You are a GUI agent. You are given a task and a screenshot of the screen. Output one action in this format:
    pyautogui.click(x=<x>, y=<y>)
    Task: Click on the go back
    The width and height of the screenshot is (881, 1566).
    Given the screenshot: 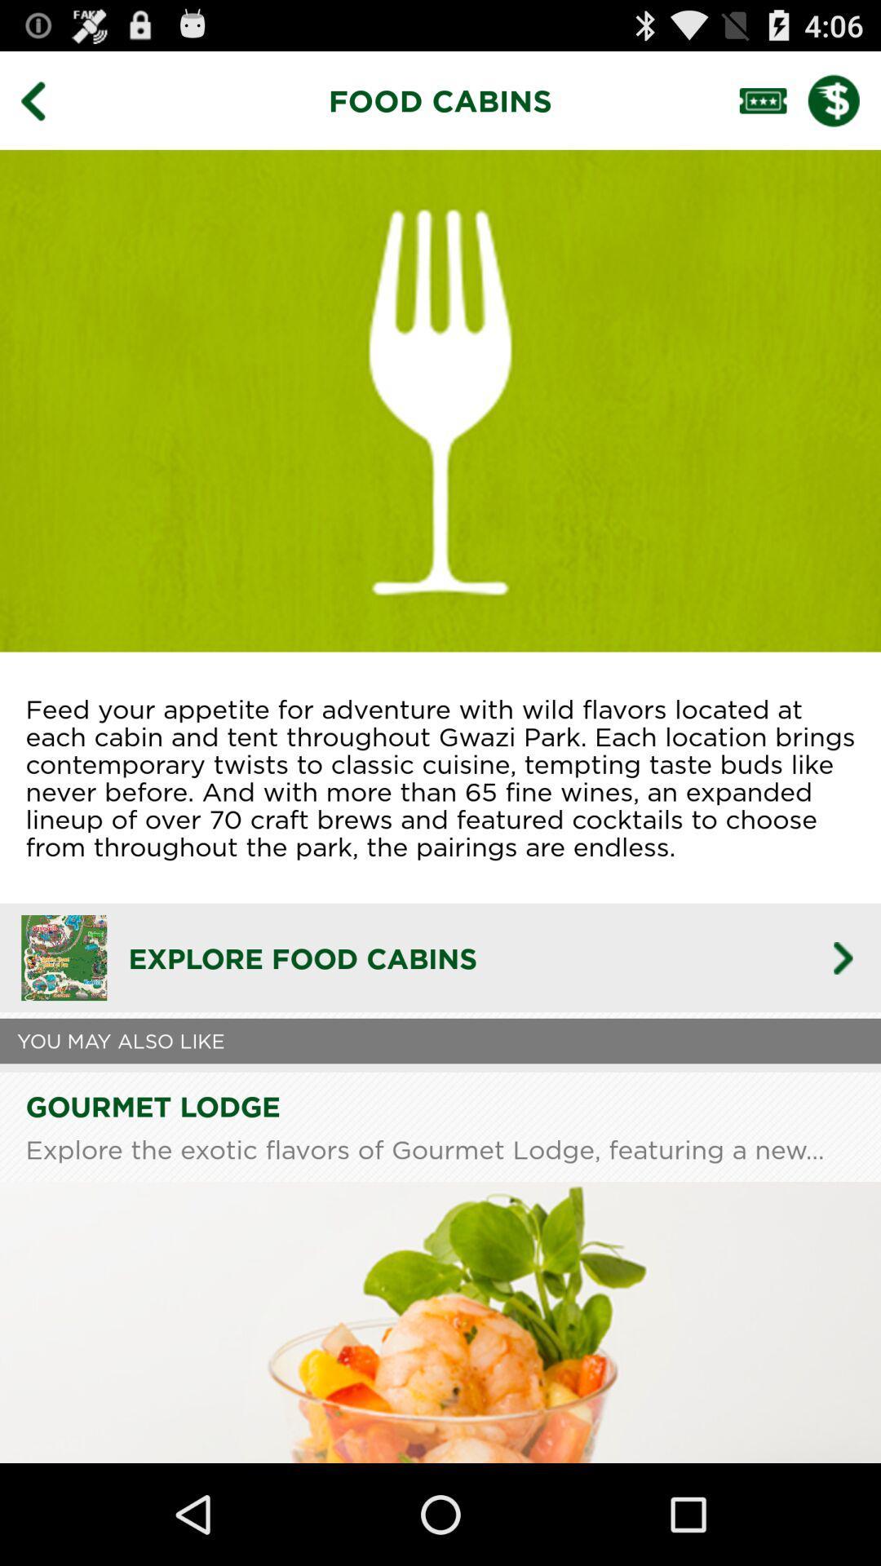 What is the action you would take?
    pyautogui.click(x=44, y=100)
    